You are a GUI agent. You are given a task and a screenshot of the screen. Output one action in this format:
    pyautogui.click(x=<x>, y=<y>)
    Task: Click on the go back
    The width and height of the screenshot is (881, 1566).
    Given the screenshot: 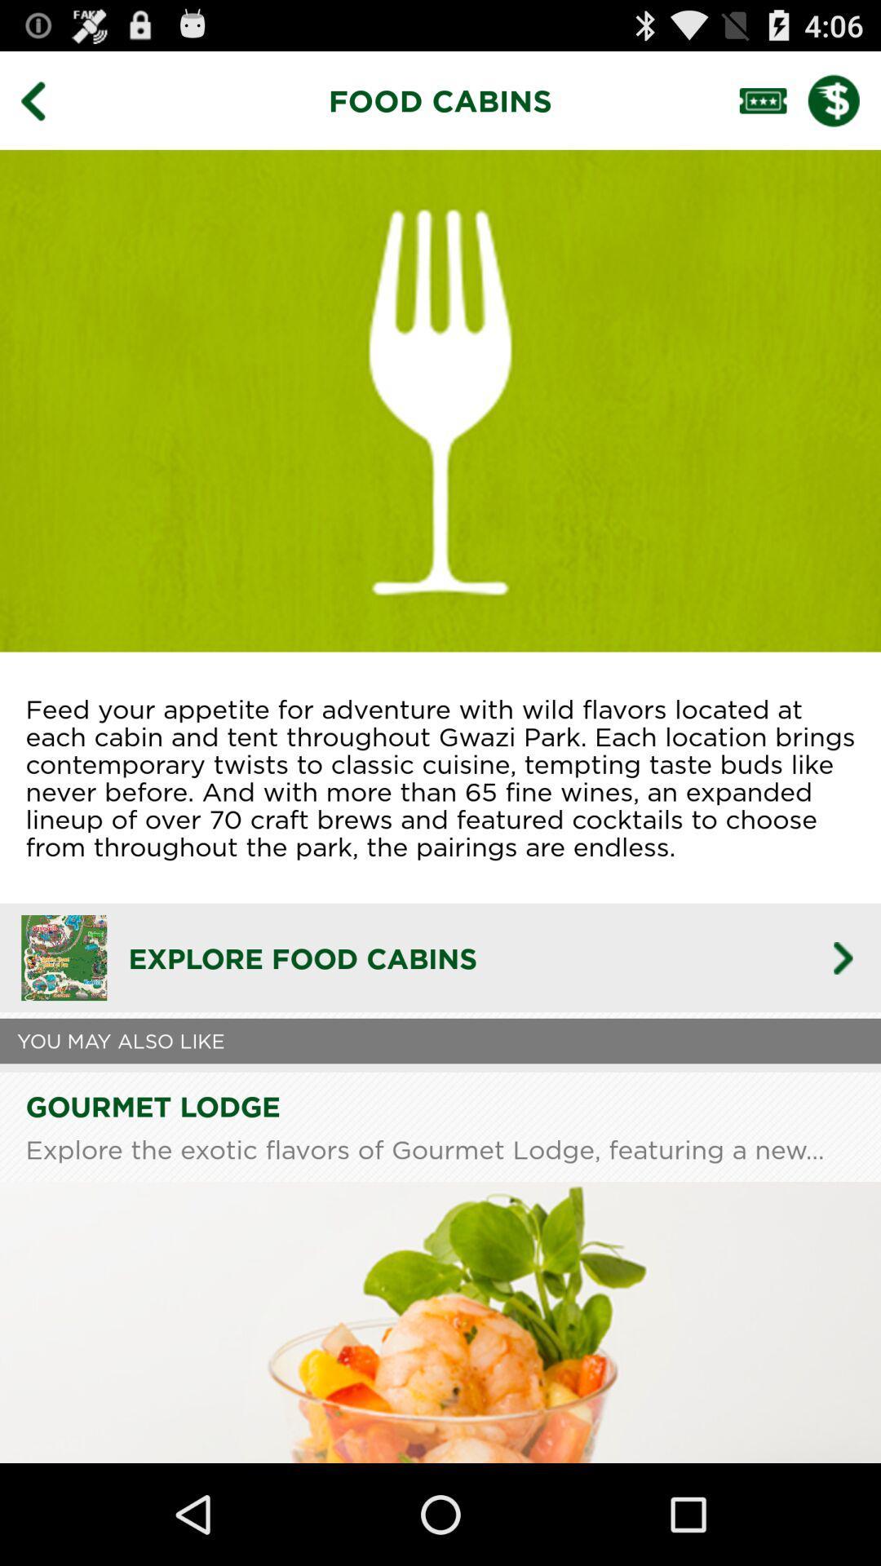 What is the action you would take?
    pyautogui.click(x=44, y=100)
    